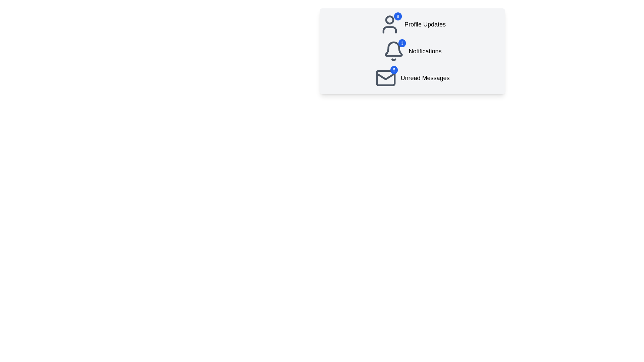  What do you see at coordinates (402, 43) in the screenshot?
I see `the notification badge located at the top-right corner of the bell icon, which displays the count of unread notifications` at bounding box center [402, 43].